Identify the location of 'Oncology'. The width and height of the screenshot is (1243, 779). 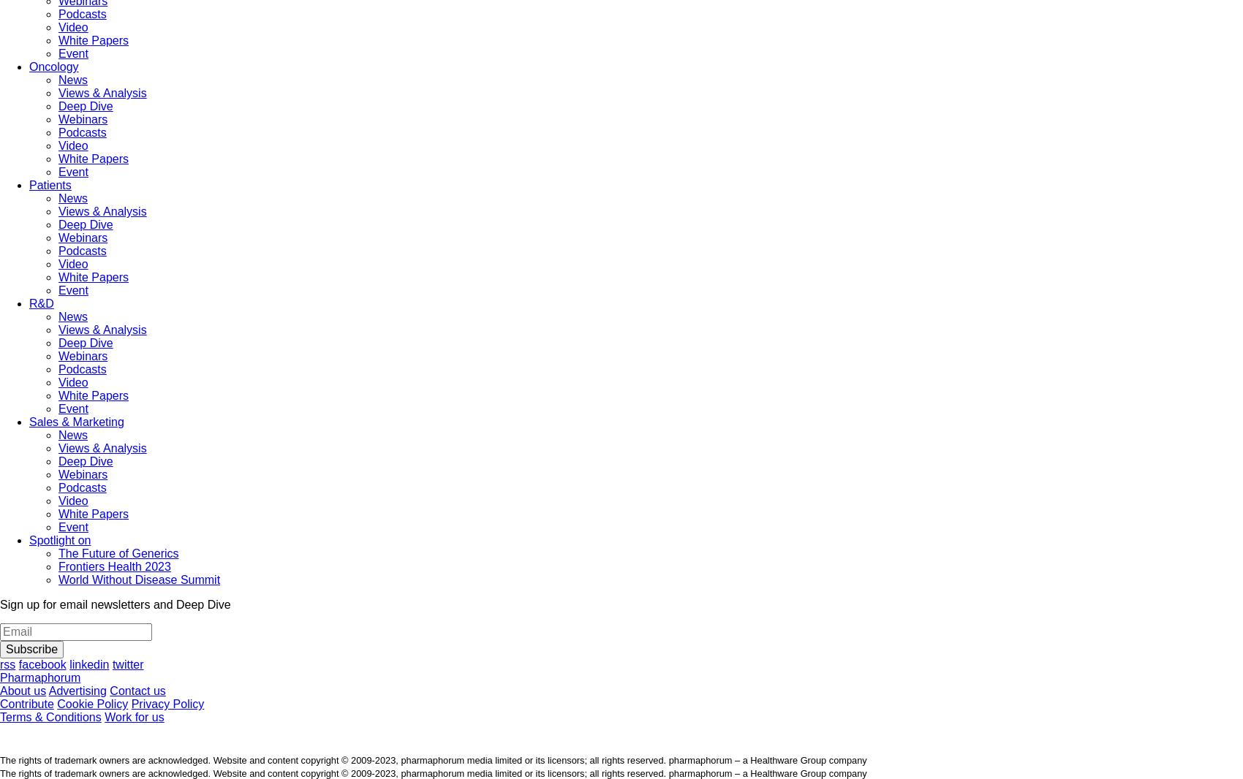
(53, 66).